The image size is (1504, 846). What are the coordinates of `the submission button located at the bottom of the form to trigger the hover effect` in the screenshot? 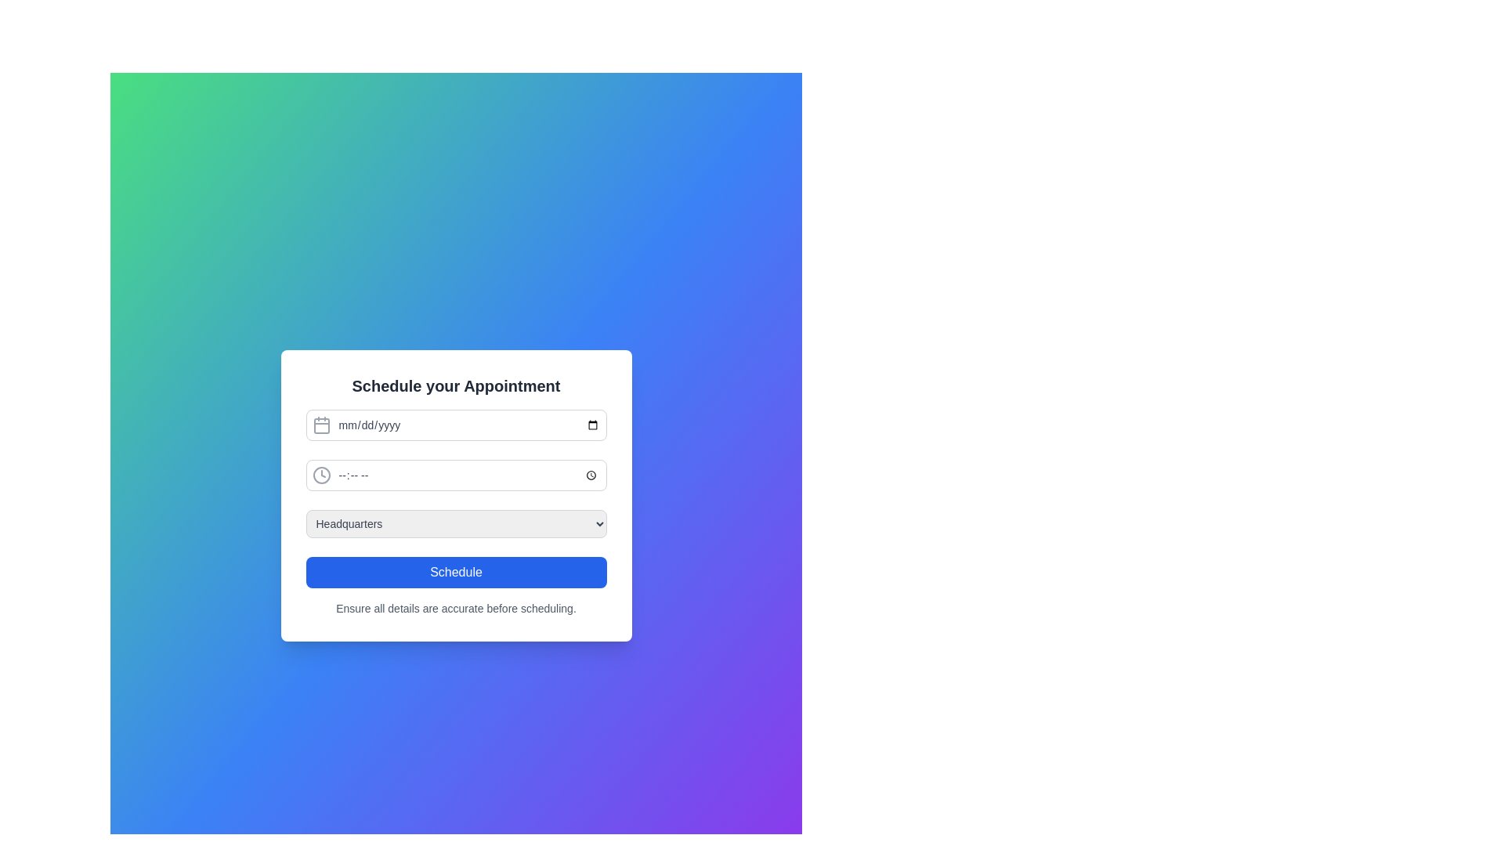 It's located at (455, 573).